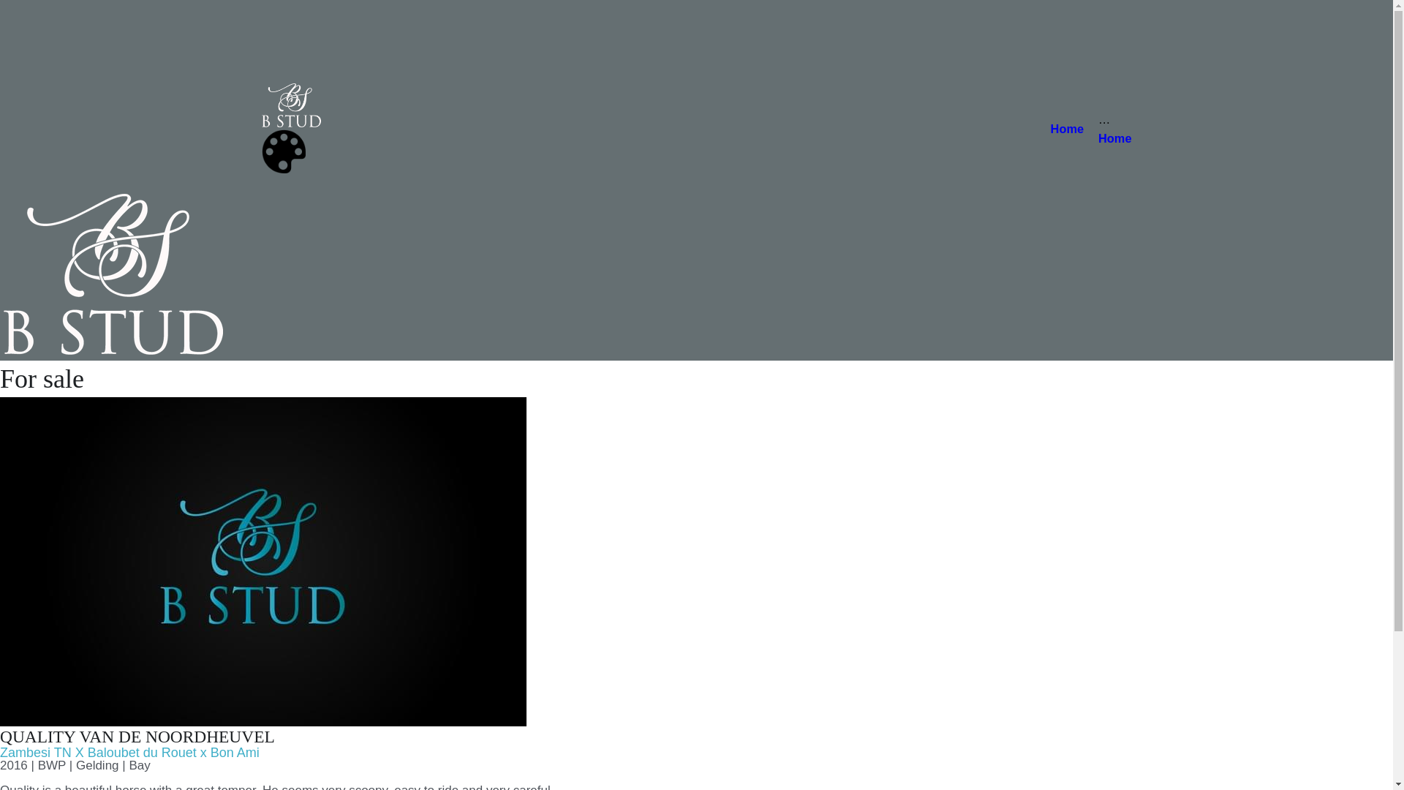 This screenshot has height=790, width=1404. I want to click on 'Home', so click(1049, 128).